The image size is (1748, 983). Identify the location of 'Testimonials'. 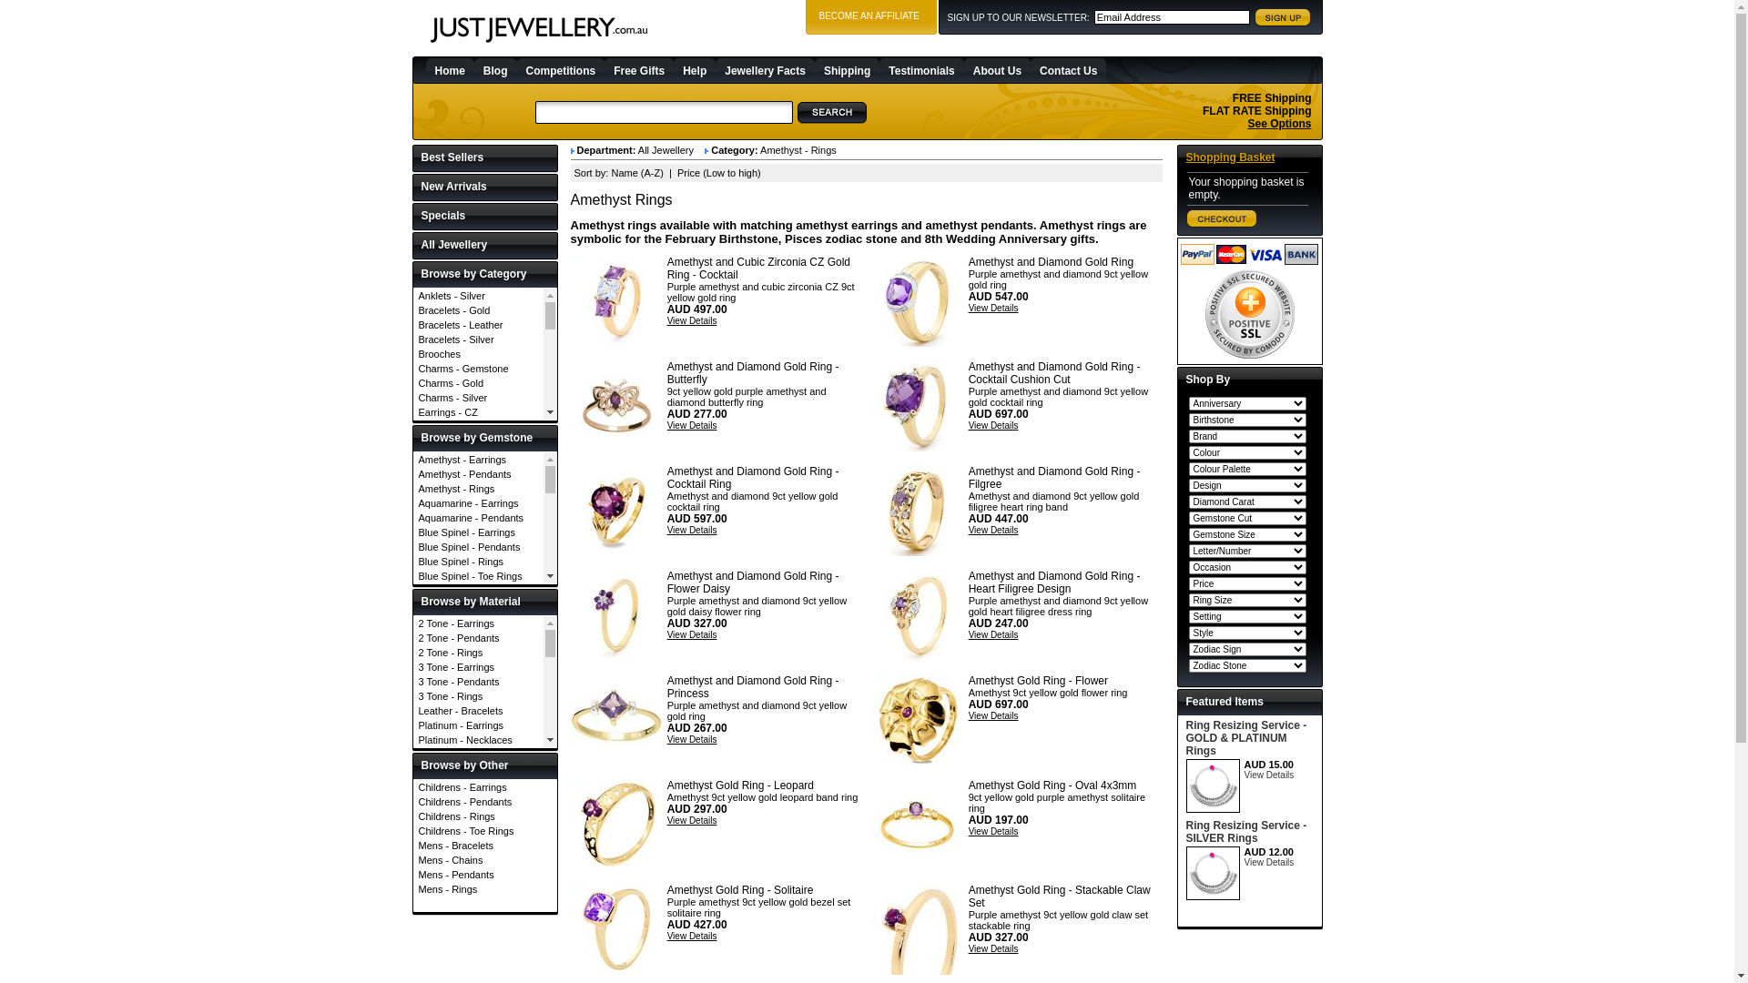
(879, 69).